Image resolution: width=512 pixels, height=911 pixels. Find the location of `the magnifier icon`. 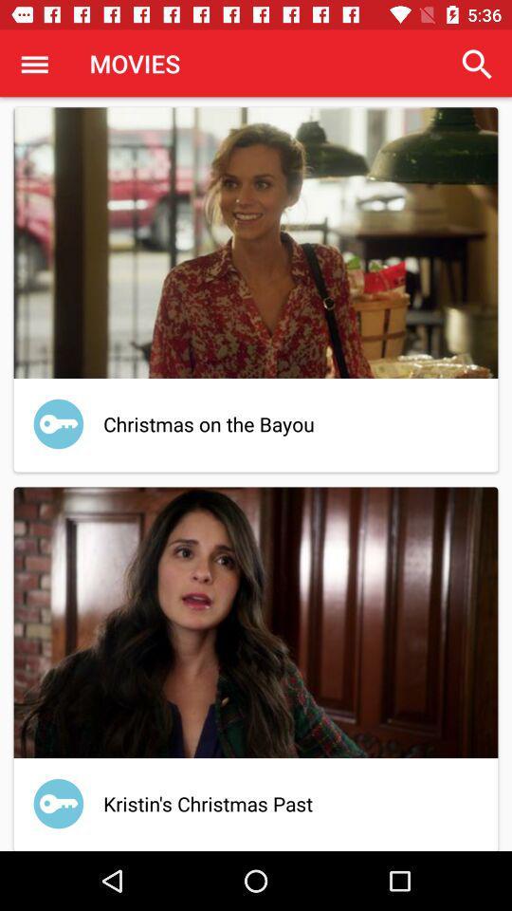

the magnifier icon is located at coordinates (476, 64).